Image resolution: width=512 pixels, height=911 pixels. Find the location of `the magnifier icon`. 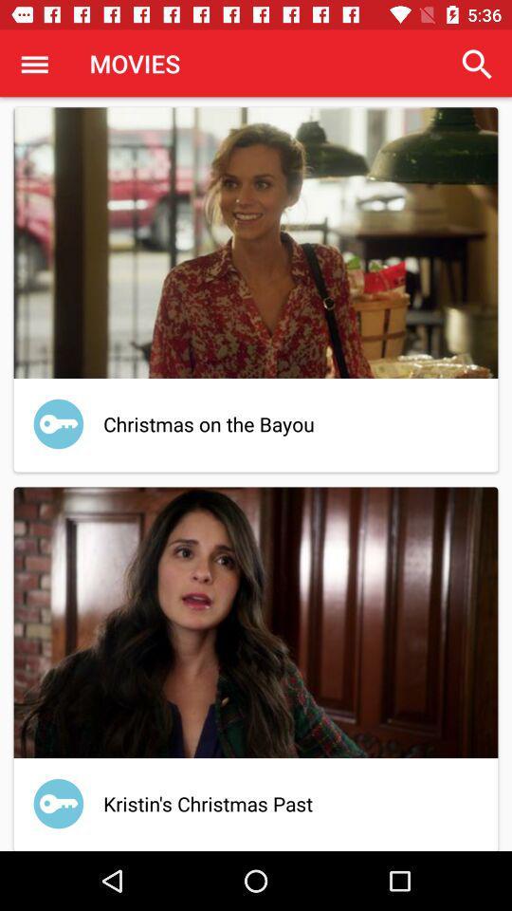

the magnifier icon is located at coordinates (476, 64).